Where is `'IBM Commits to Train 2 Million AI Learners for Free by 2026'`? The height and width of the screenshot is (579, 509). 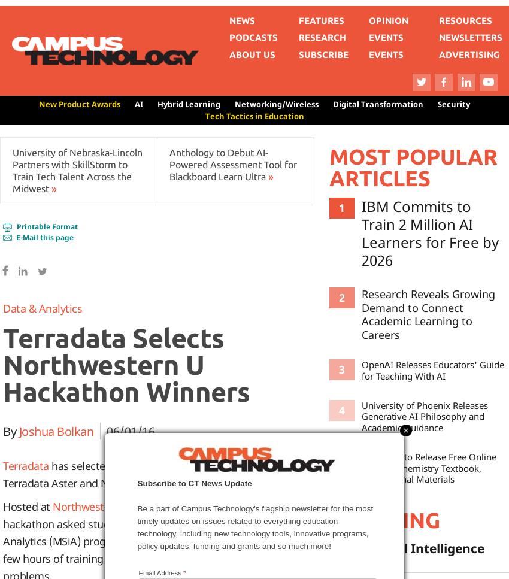
'IBM Commits to Train 2 Million AI Learners for Free by 2026' is located at coordinates (429, 233).